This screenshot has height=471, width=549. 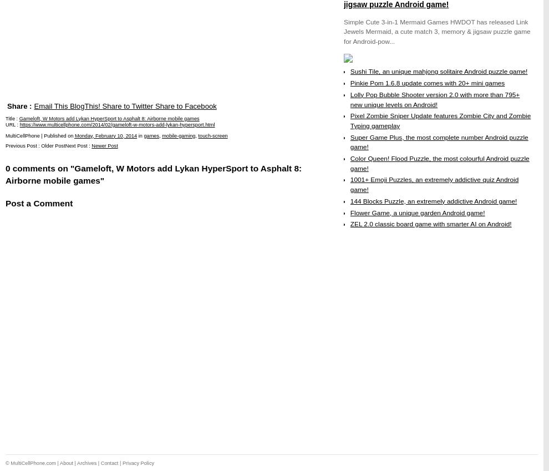 What do you see at coordinates (154, 173) in the screenshot?
I see `'0
comments on "Gameloft, W Motors add Lykan HyperSport to Asphalt 8: Airborne mobile games"'` at bounding box center [154, 173].